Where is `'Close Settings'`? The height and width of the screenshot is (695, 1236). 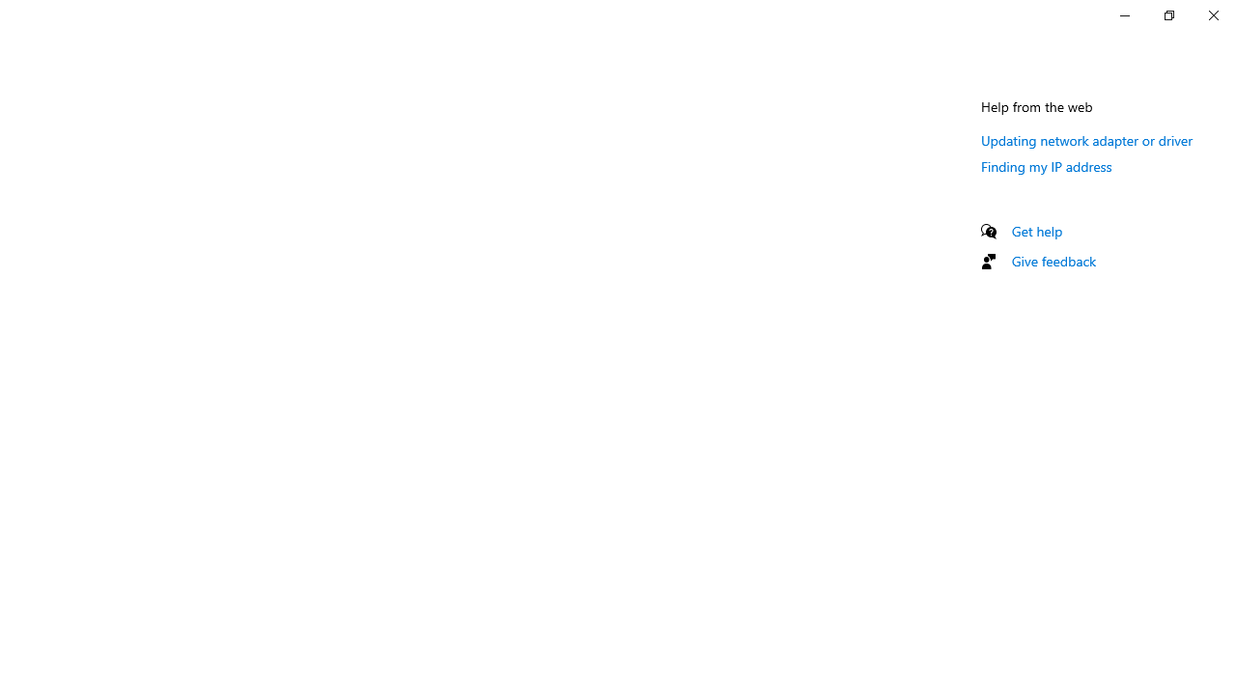
'Close Settings' is located at coordinates (1212, 14).